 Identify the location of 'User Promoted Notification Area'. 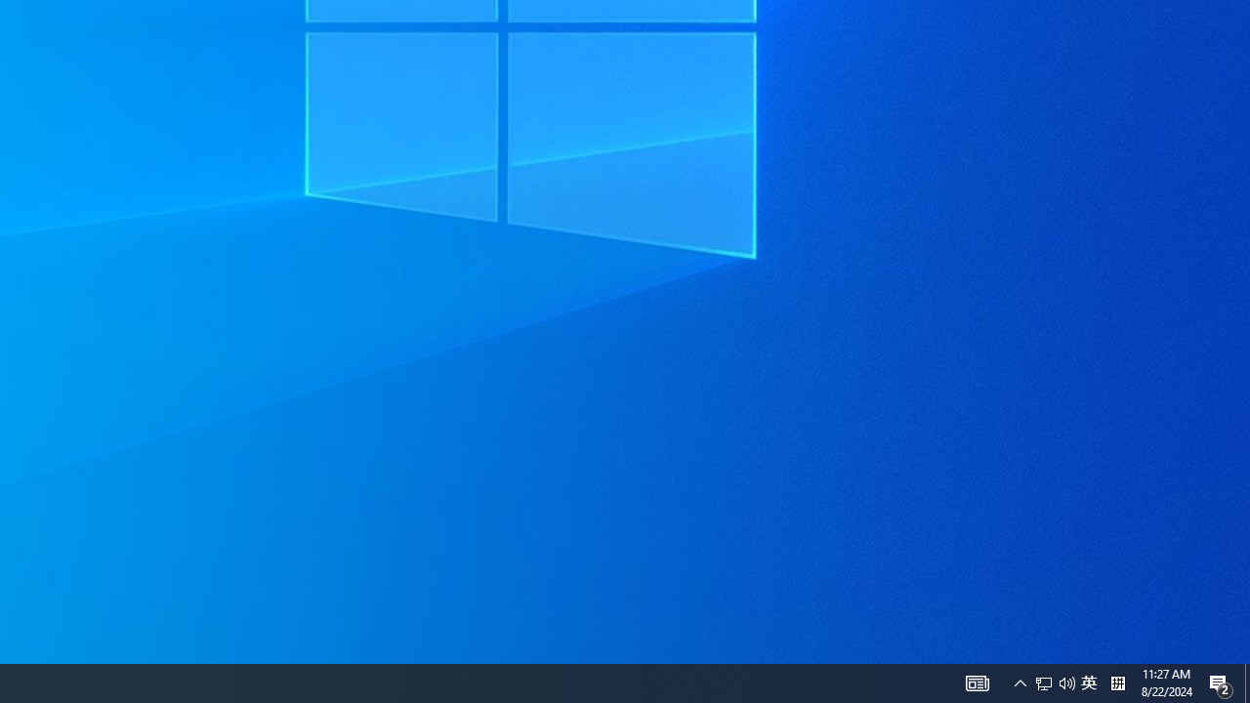
(1054, 682).